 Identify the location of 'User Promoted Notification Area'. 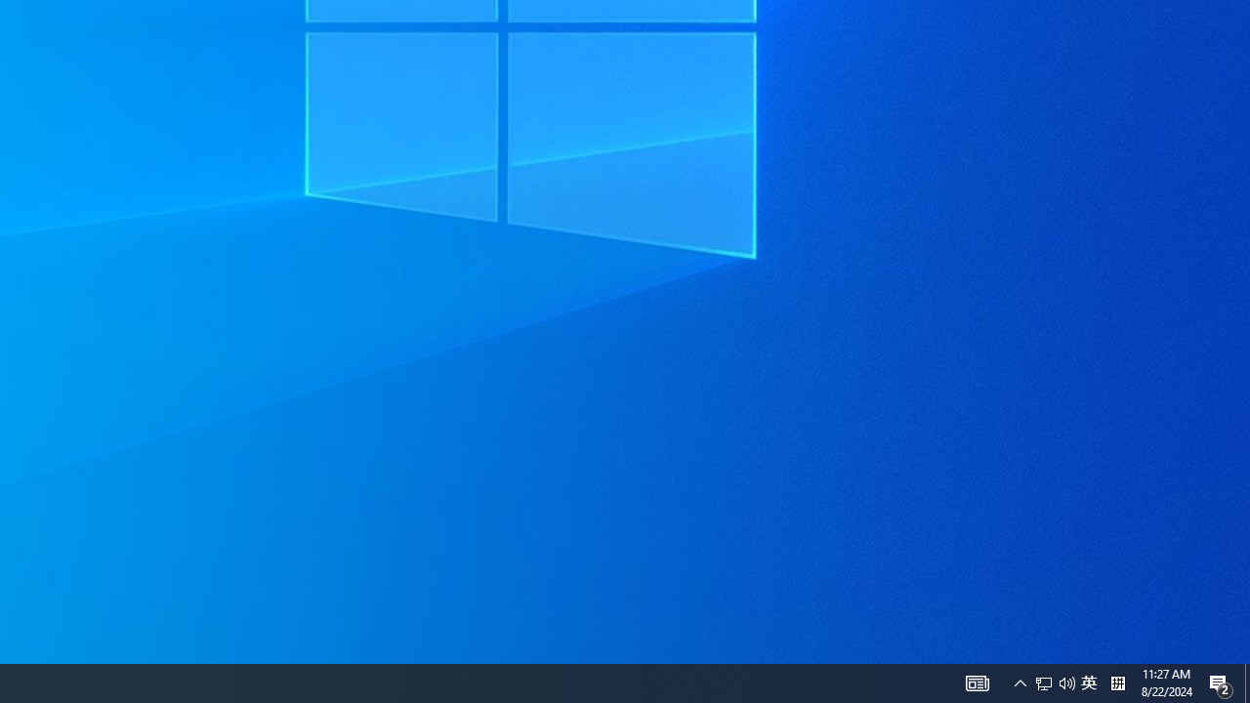
(1054, 682).